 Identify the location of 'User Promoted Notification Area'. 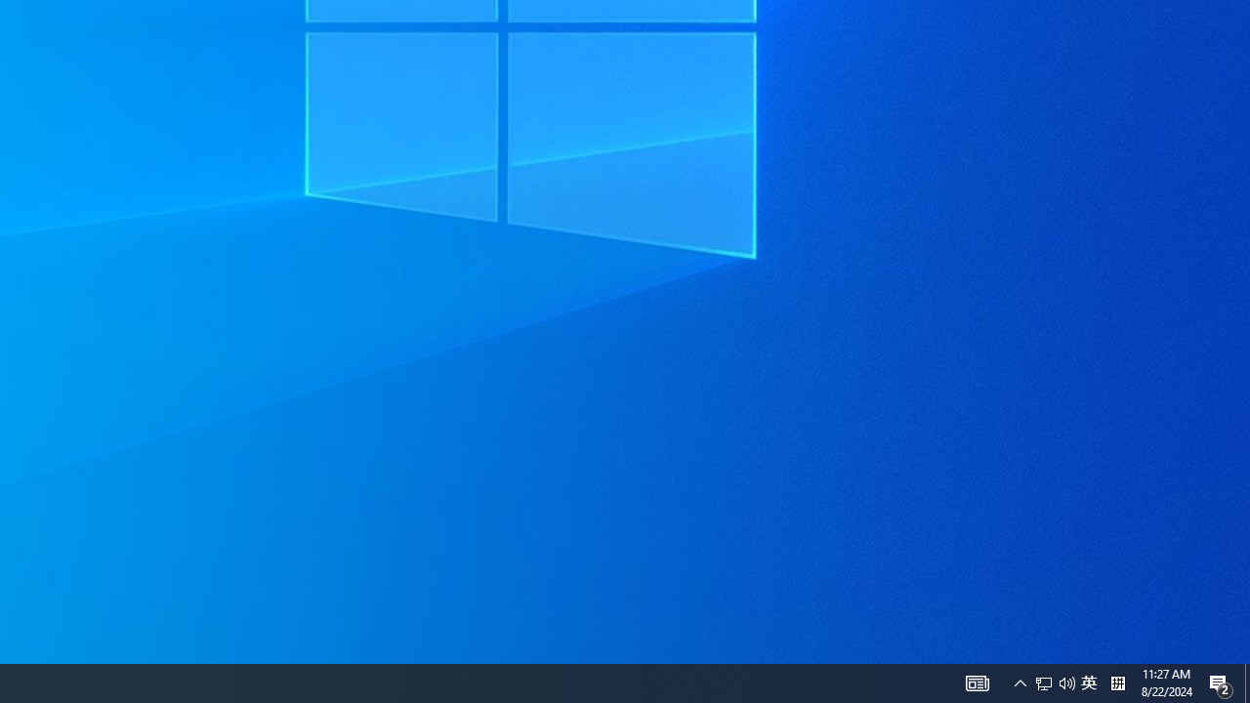
(1054, 682).